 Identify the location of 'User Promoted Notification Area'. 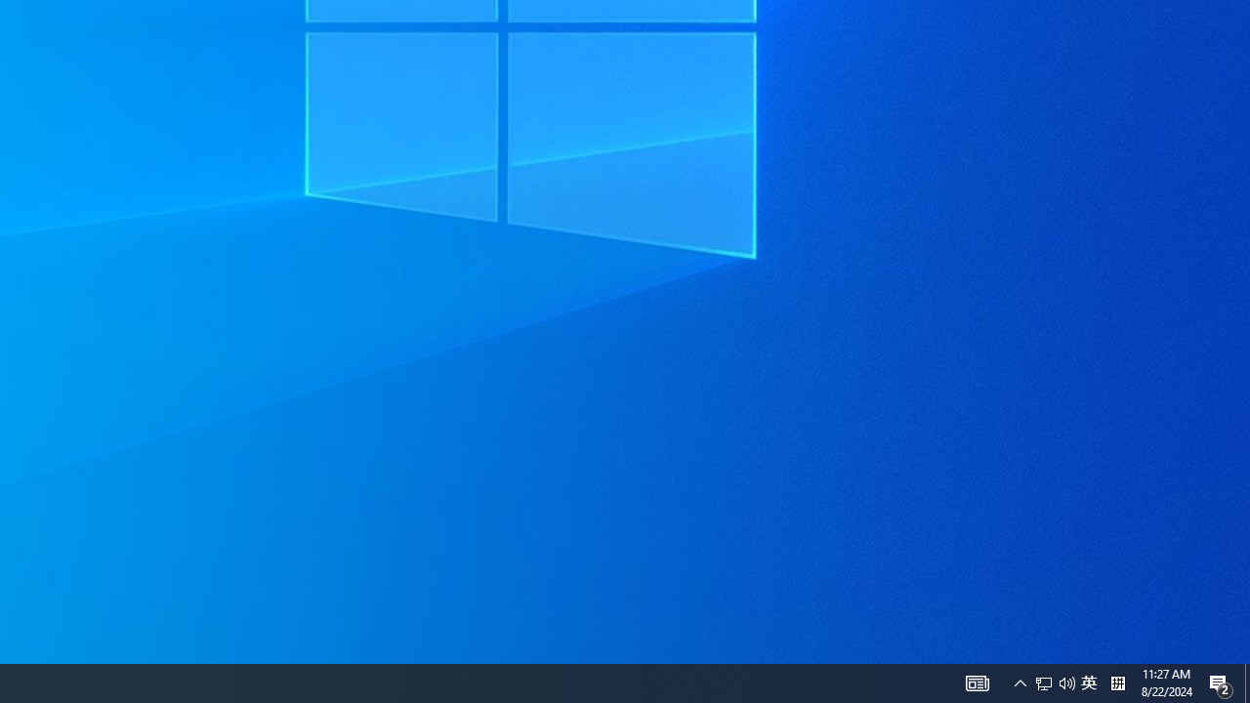
(1054, 682).